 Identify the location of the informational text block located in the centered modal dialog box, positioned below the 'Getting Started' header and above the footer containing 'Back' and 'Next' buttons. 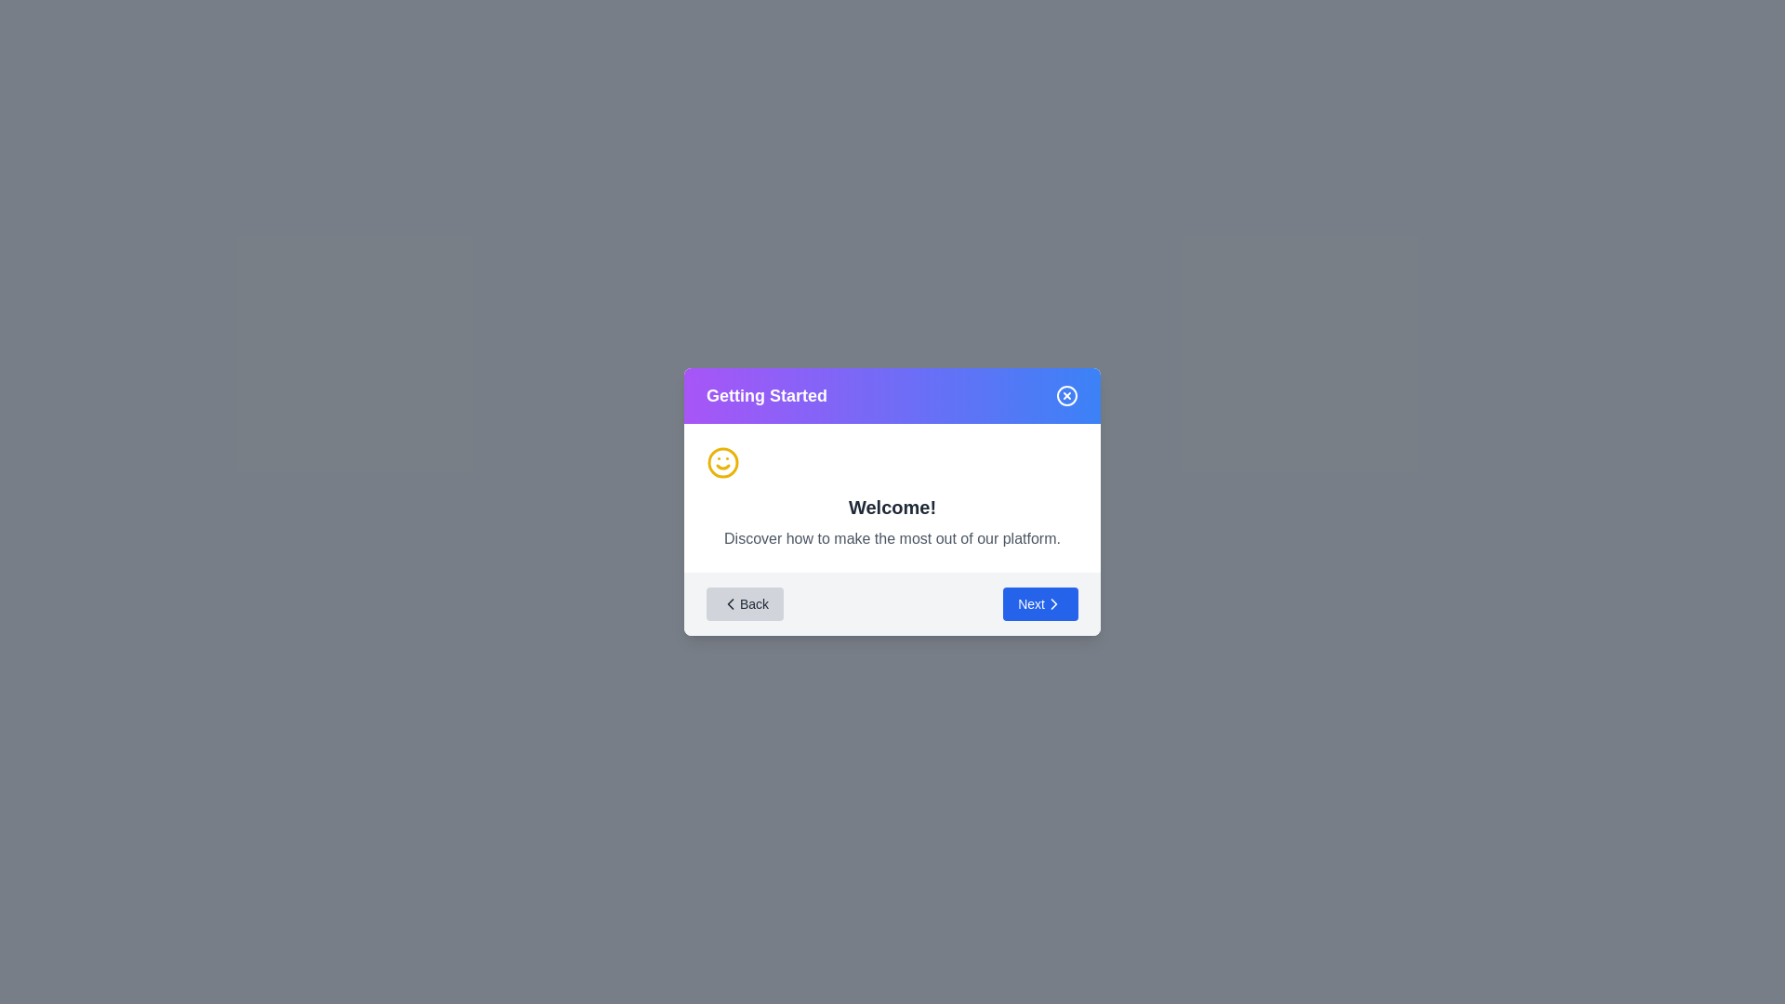
(892, 497).